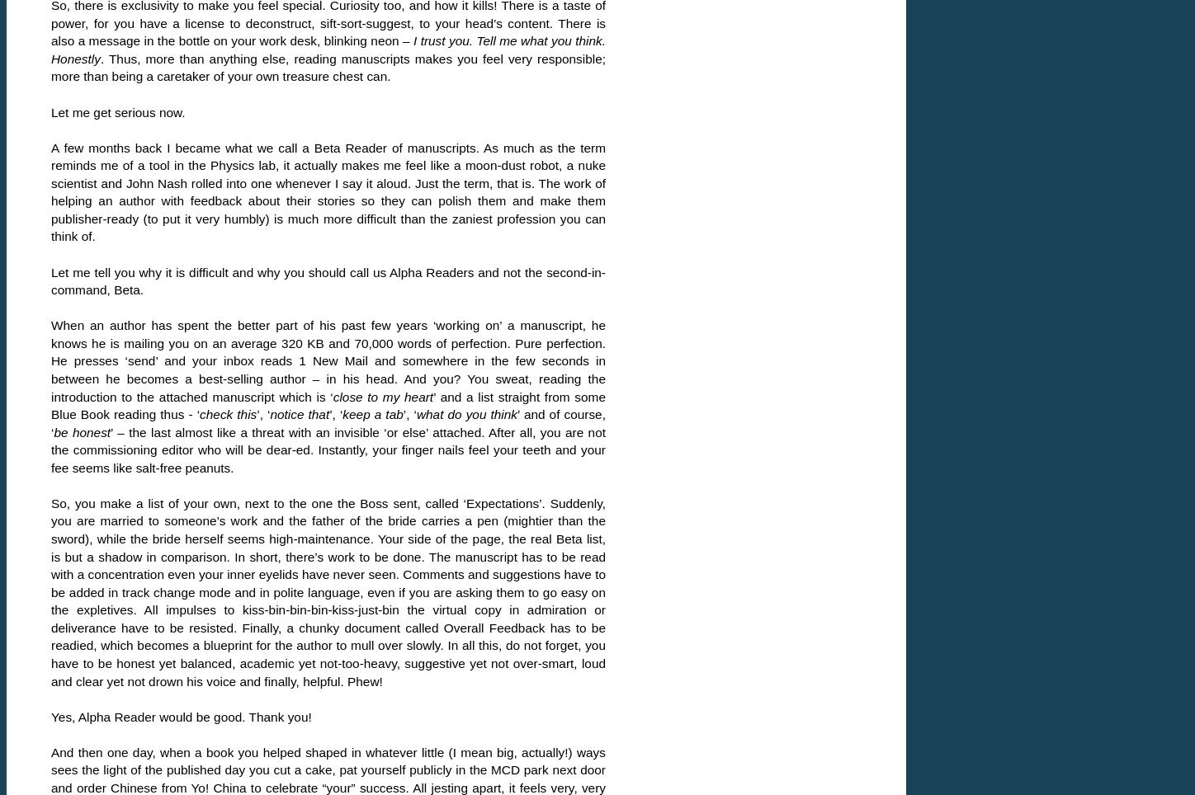 This screenshot has width=1195, height=795. Describe the element at coordinates (328, 66) in the screenshot. I see `'. Thus, more than anything else, reading manuscripts makes you feel very responsible; more than being a caretaker of your own treasure chest can.'` at that location.